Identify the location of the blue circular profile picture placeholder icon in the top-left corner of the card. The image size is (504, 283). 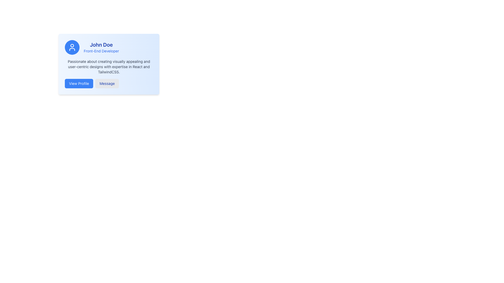
(72, 47).